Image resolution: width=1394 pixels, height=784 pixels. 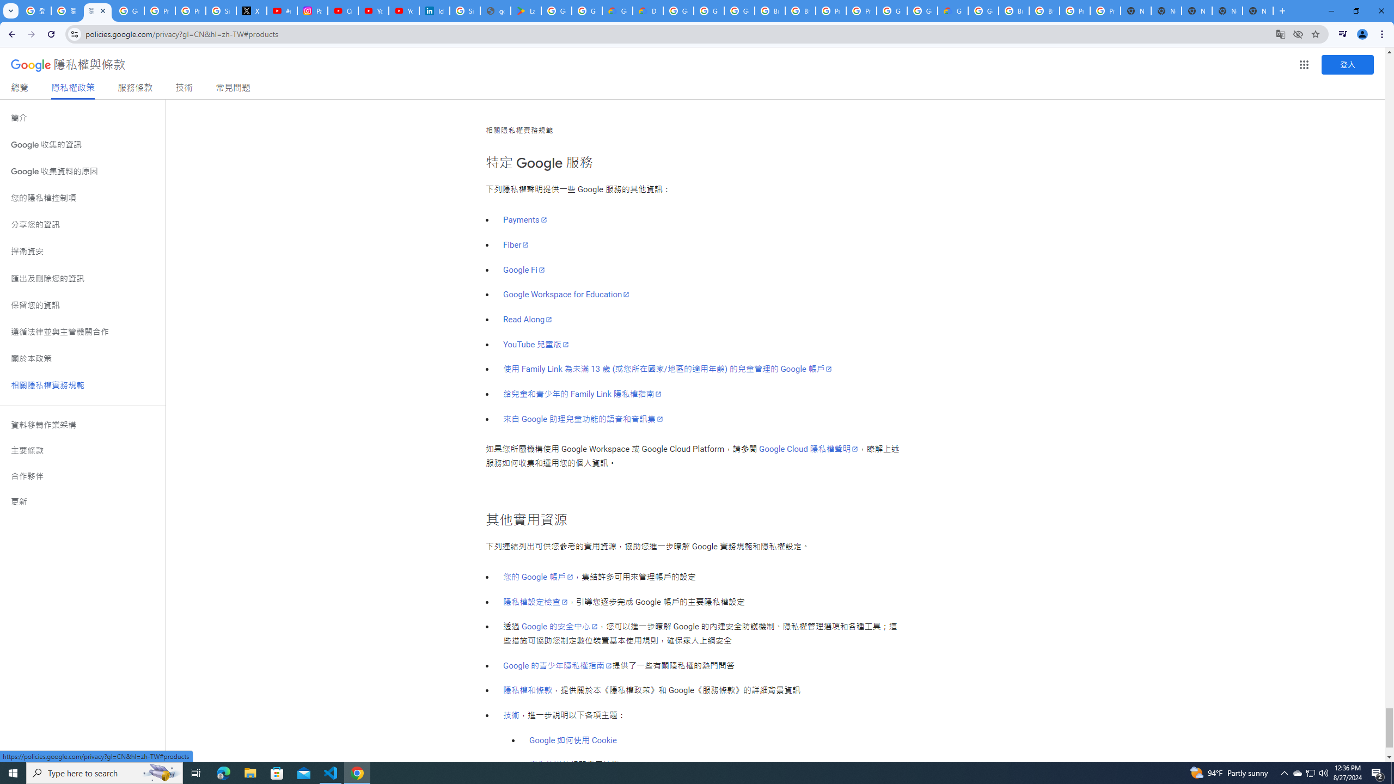 What do you see at coordinates (526, 10) in the screenshot?
I see `'Last Shelter: Survival - Apps on Google Play'` at bounding box center [526, 10].